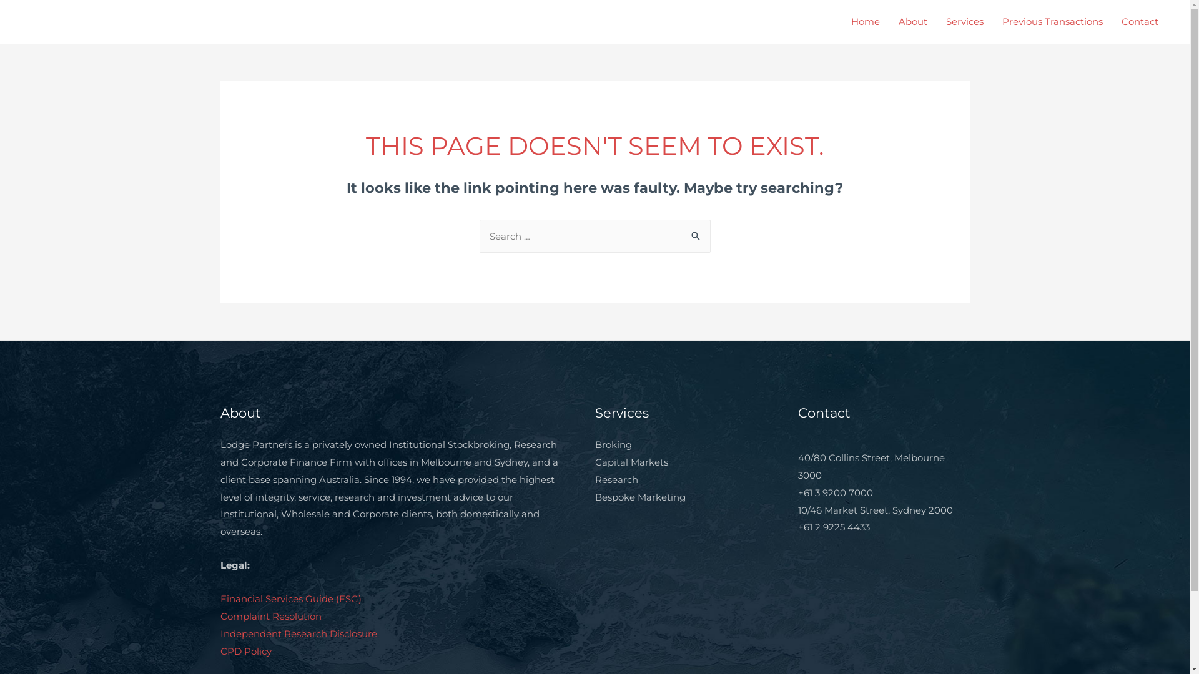 The height and width of the screenshot is (674, 1199). Describe the element at coordinates (297, 633) in the screenshot. I see `'Independent Research Disclosure'` at that location.